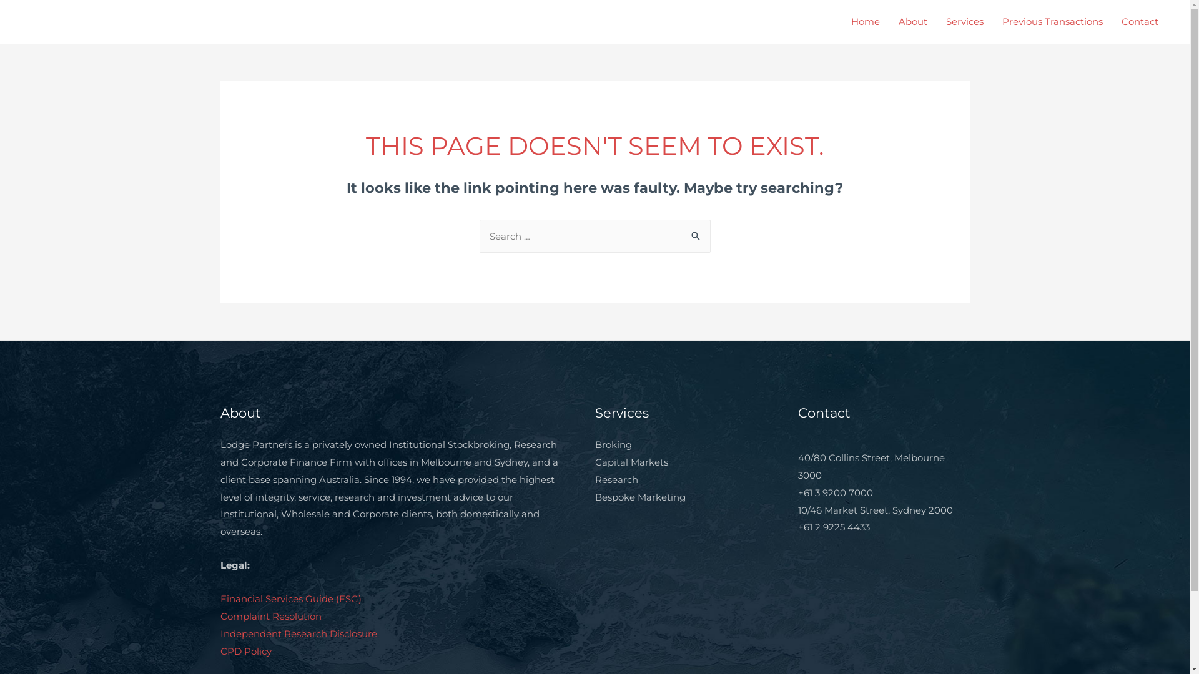 The height and width of the screenshot is (674, 1199). Describe the element at coordinates (297, 633) in the screenshot. I see `'Independent Research Disclosure'` at that location.